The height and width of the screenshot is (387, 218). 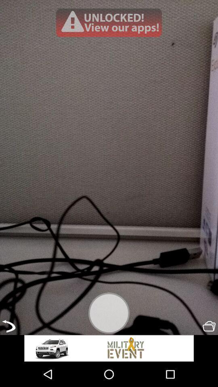 I want to click on rotate photo, so click(x=8, y=326).